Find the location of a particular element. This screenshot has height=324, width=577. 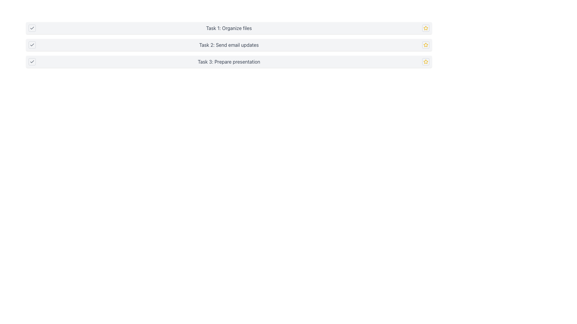

the light yellow star icon located near the right edge of the third row in the vertical list of tasks is located at coordinates (425, 61).